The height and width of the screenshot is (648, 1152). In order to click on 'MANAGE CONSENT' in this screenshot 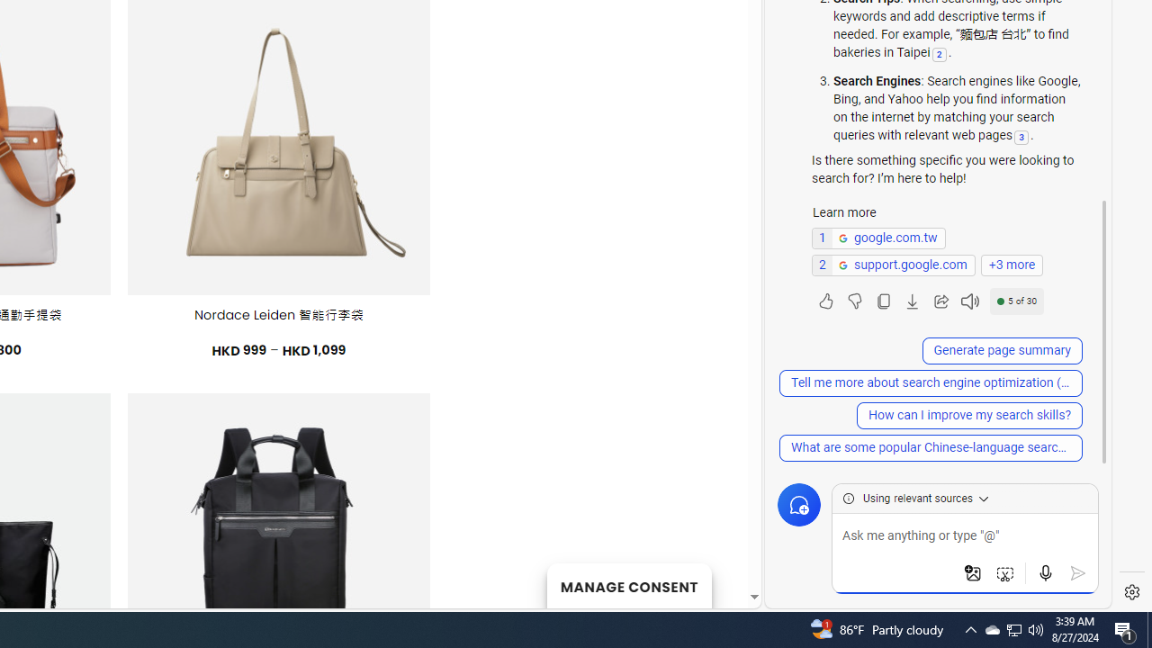, I will do `click(628, 585)`.